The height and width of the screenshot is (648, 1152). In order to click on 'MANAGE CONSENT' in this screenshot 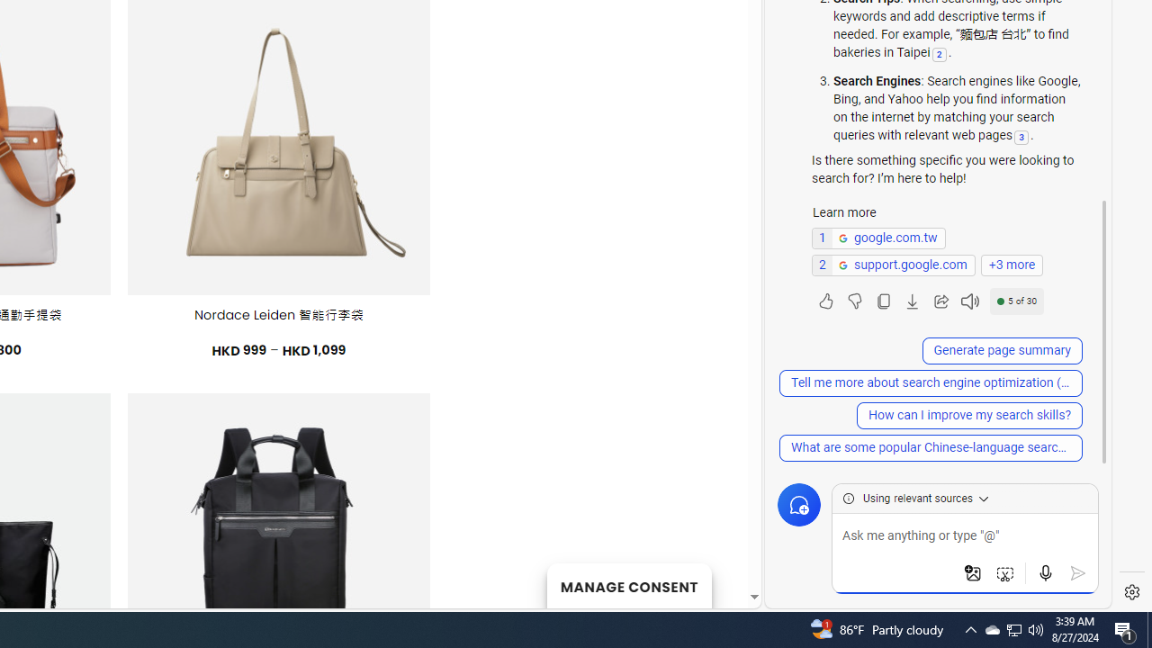, I will do `click(628, 585)`.